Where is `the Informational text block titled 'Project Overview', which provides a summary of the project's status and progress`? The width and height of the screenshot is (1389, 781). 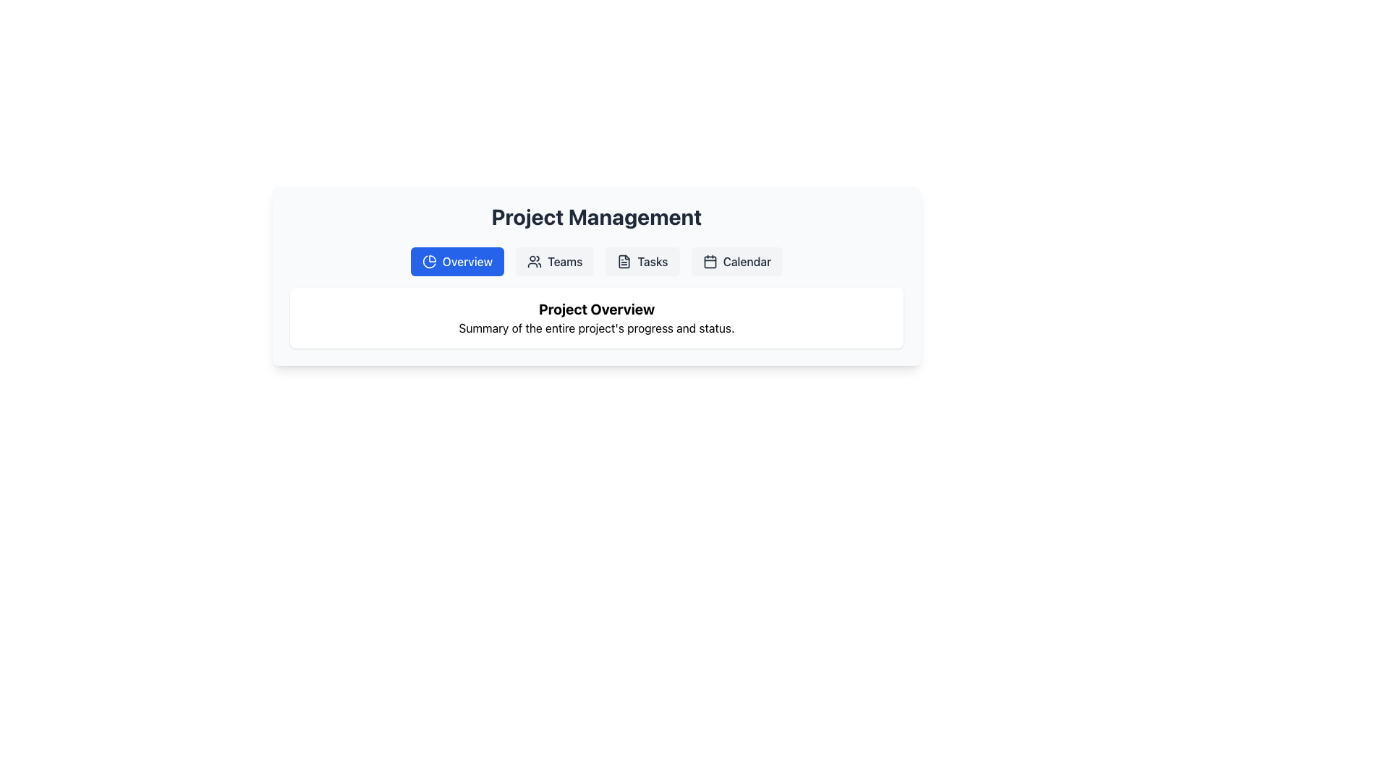 the Informational text block titled 'Project Overview', which provides a summary of the project's status and progress is located at coordinates (597, 317).